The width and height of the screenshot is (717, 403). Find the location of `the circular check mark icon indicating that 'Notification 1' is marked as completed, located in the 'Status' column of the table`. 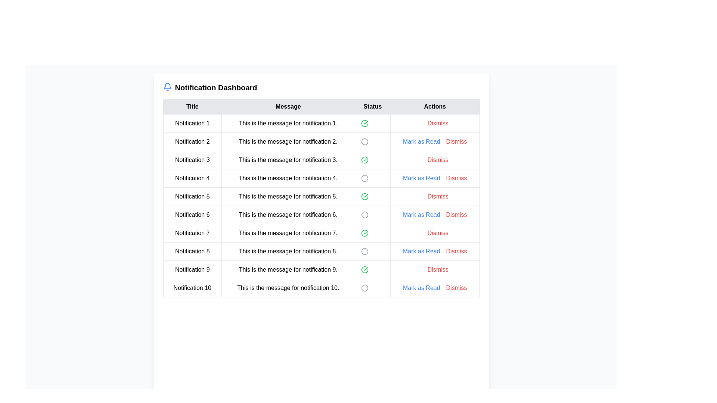

the circular check mark icon indicating that 'Notification 1' is marked as completed, located in the 'Status' column of the table is located at coordinates (364, 123).